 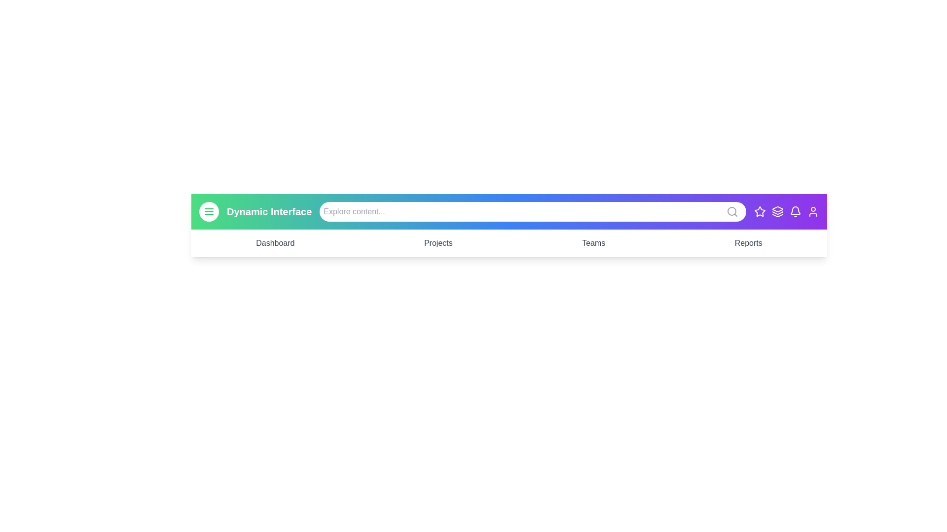 What do you see at coordinates (275, 243) in the screenshot?
I see `the menu item Dashboard to navigate to its corresponding section` at bounding box center [275, 243].